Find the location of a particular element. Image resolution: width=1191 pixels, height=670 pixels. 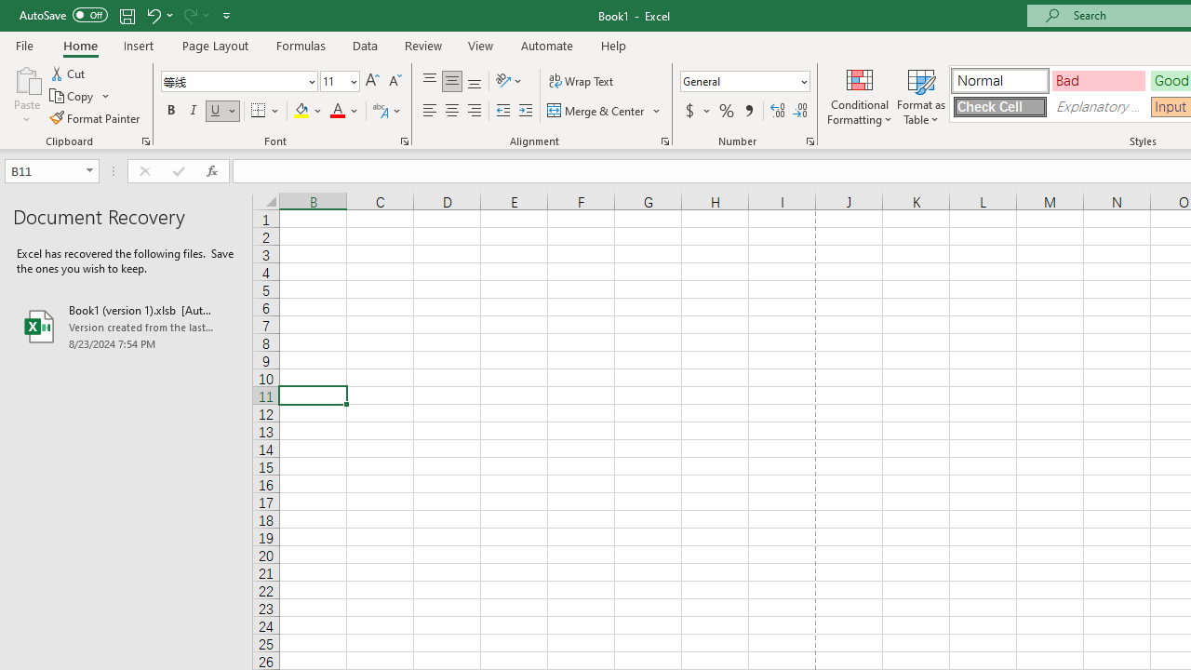

'Undo' is located at coordinates (153, 15).